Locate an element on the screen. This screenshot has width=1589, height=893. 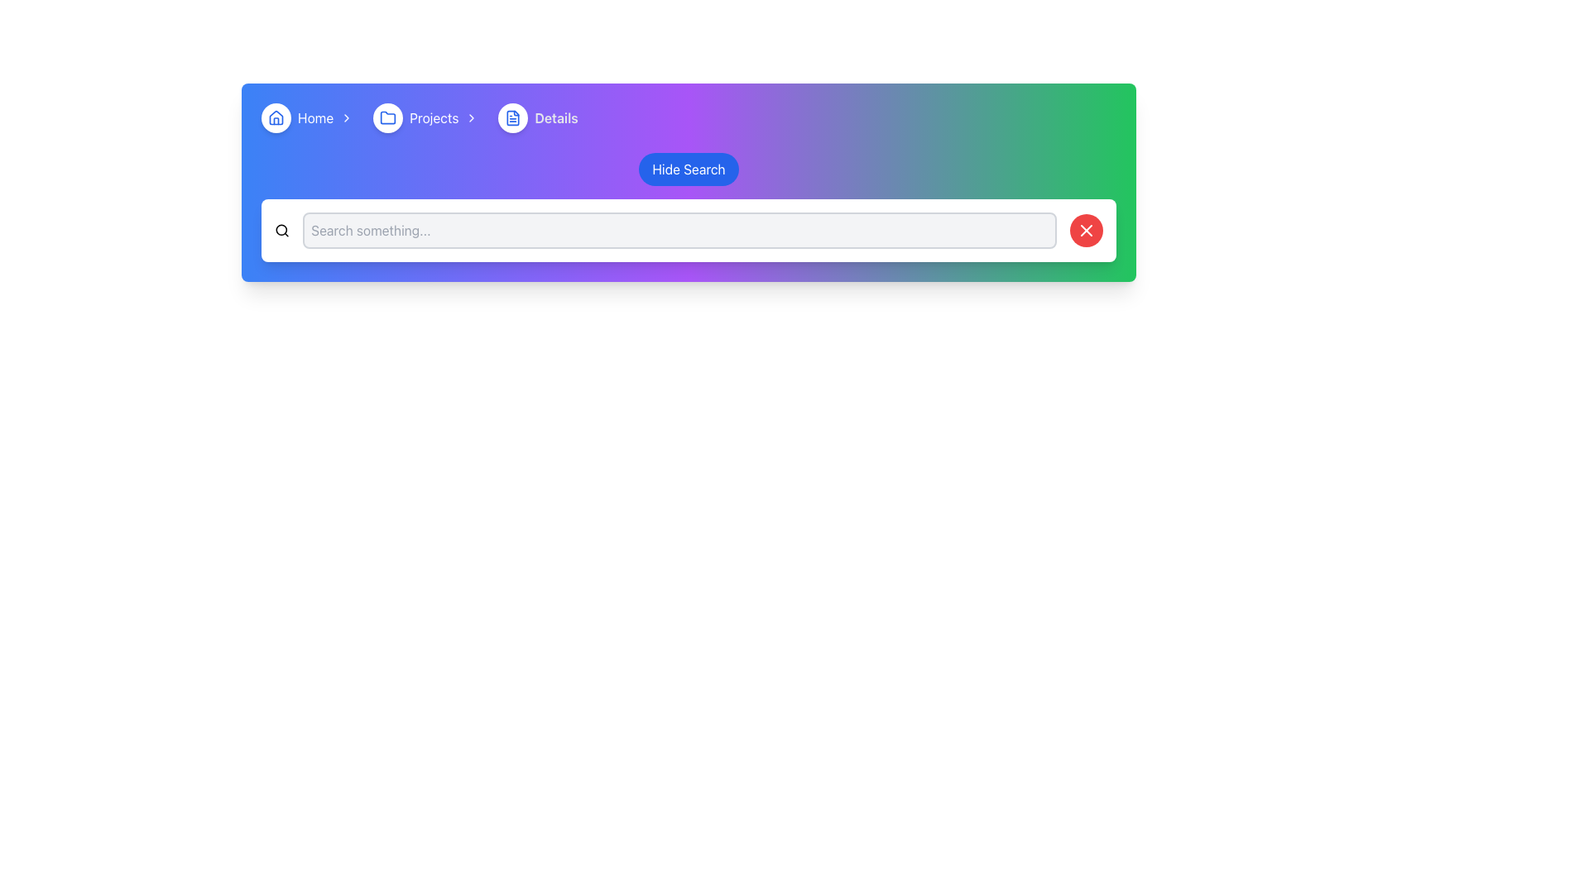
the 'X' icon button enclosed within a circular red background located at the right side of the search bar is located at coordinates (1087, 230).